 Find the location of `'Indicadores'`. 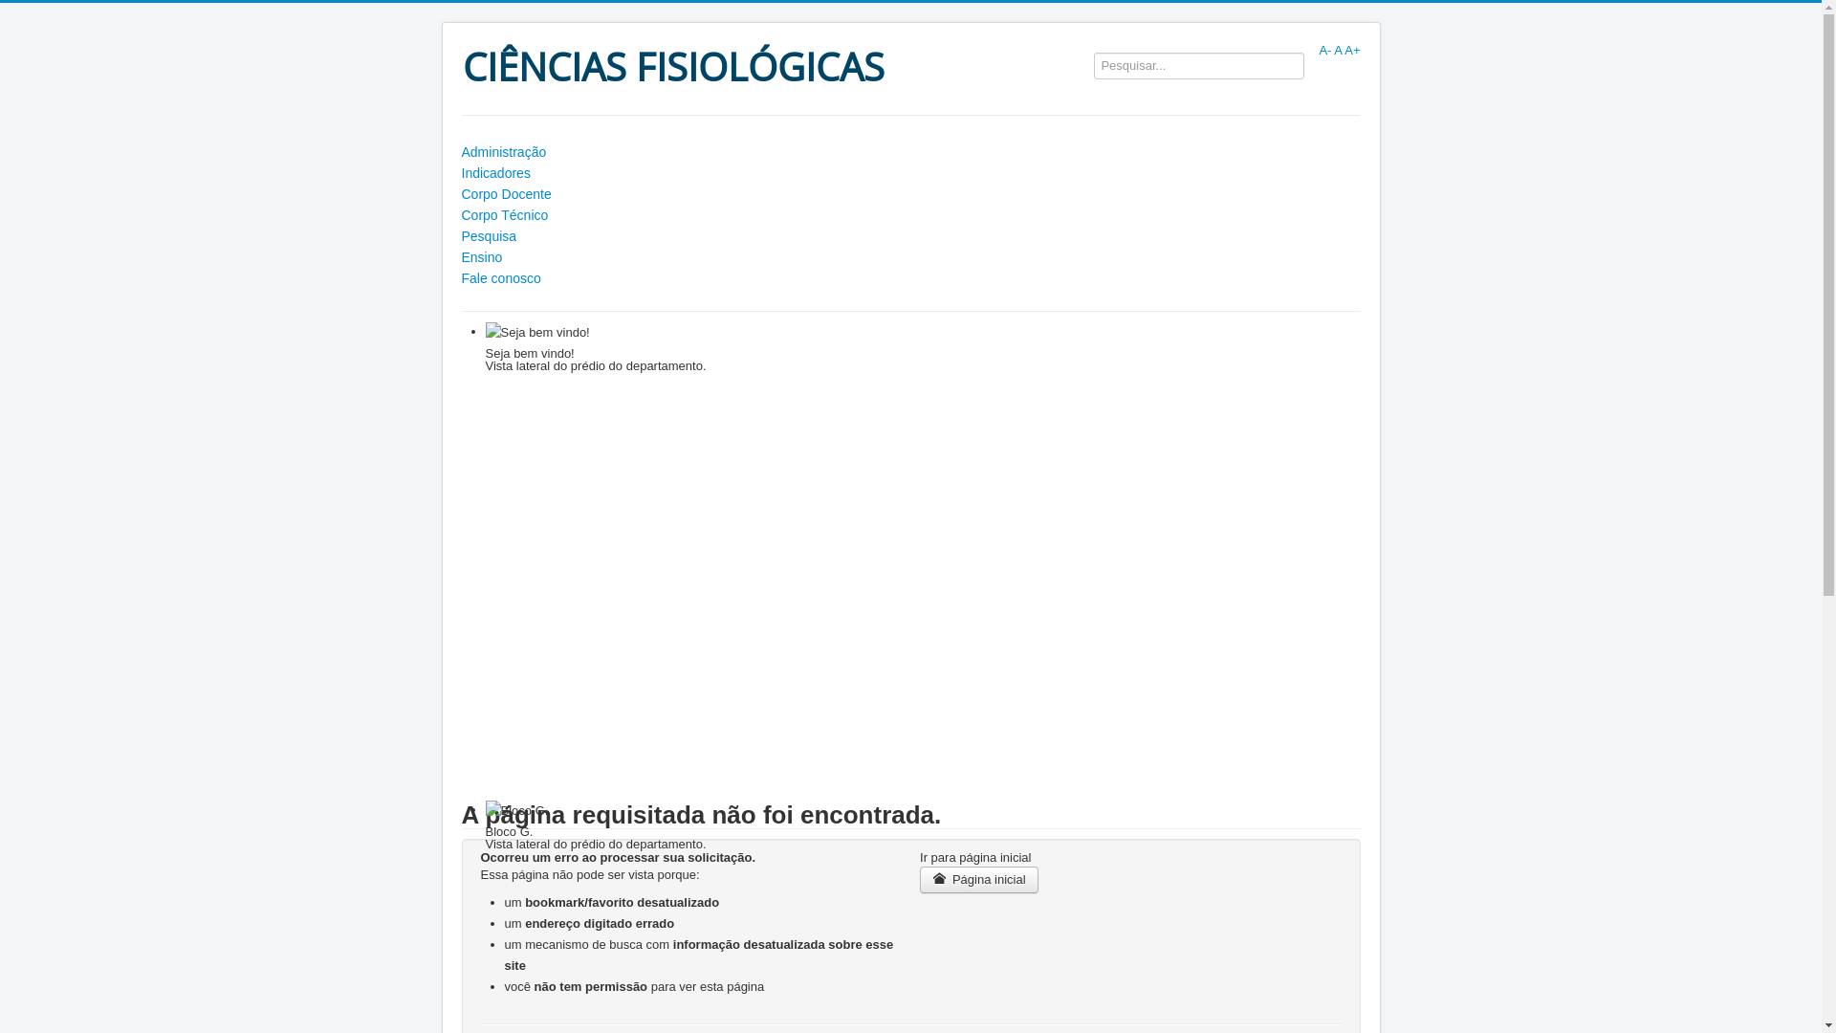

'Indicadores' is located at coordinates (908, 173).